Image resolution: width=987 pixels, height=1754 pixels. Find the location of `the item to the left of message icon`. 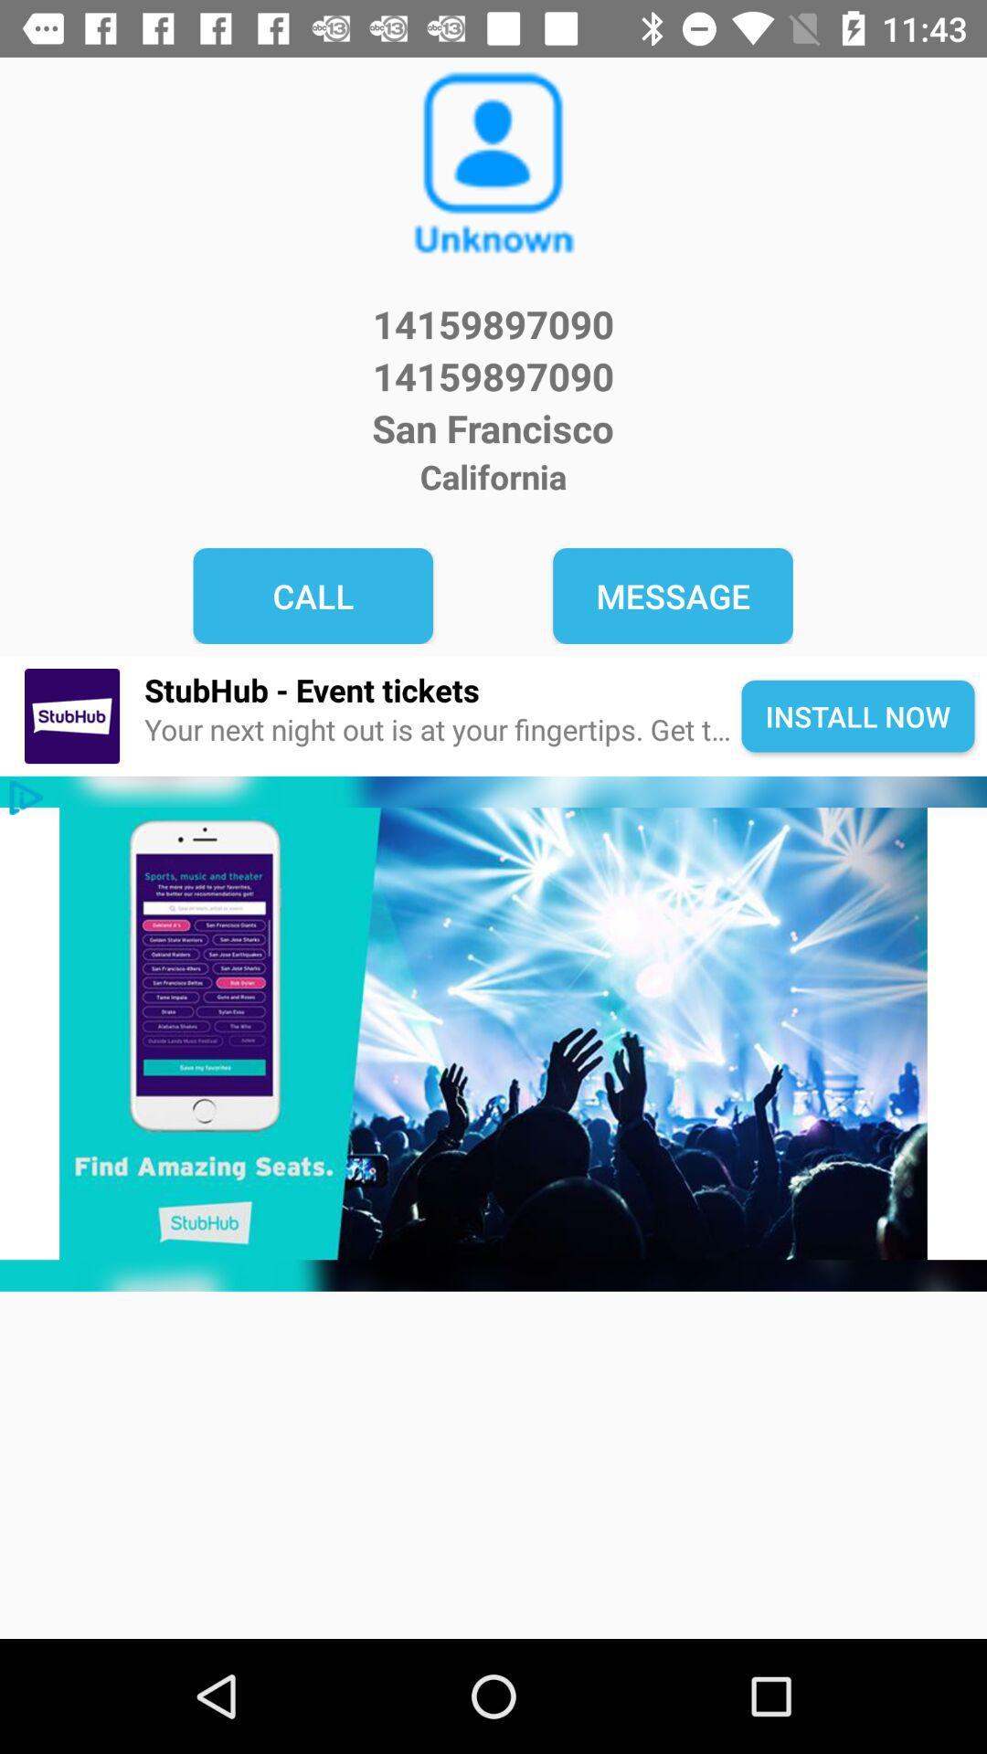

the item to the left of message icon is located at coordinates (312, 596).